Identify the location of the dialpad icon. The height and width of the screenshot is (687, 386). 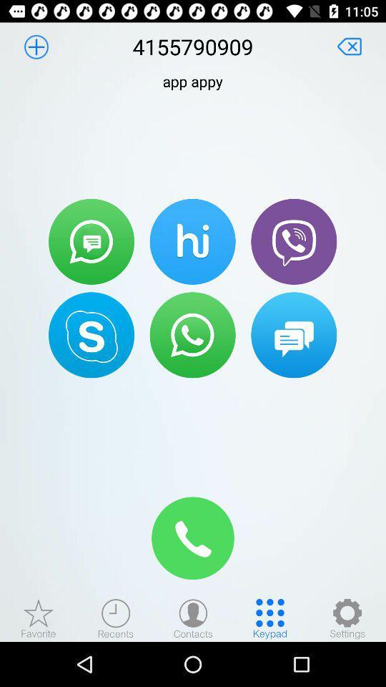
(270, 618).